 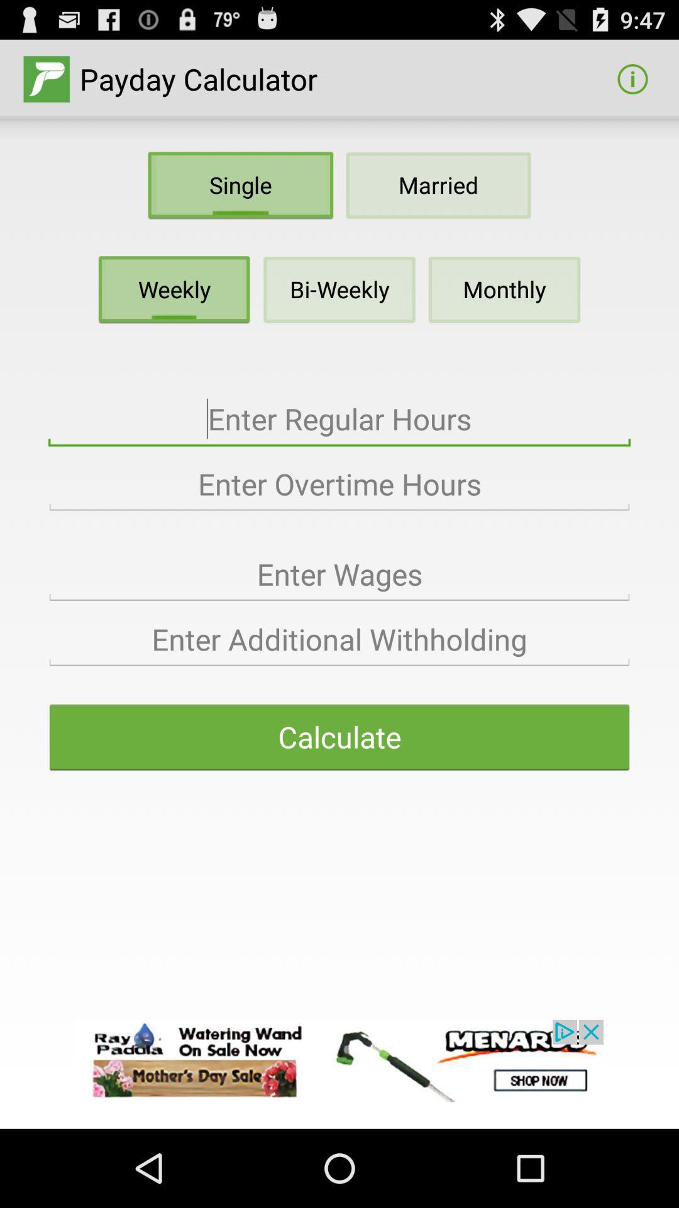 What do you see at coordinates (339, 640) in the screenshot?
I see `5` at bounding box center [339, 640].